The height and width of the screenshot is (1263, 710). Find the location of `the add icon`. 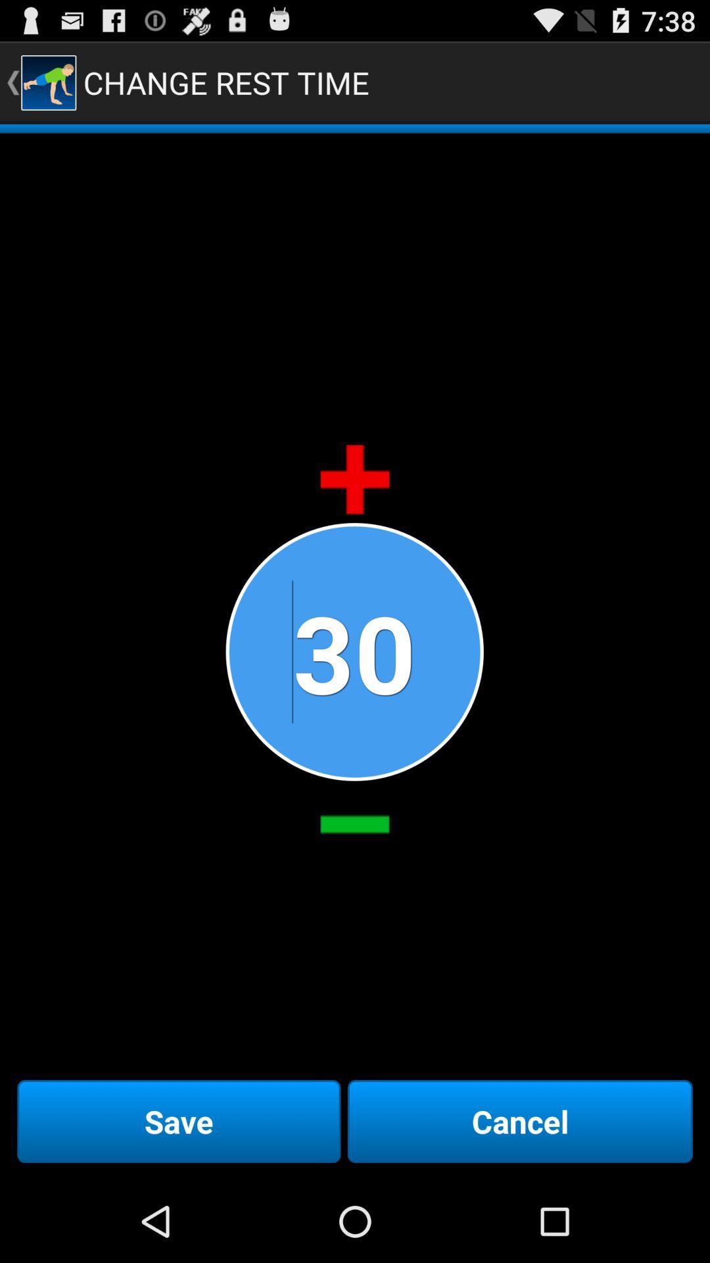

the add icon is located at coordinates (355, 512).